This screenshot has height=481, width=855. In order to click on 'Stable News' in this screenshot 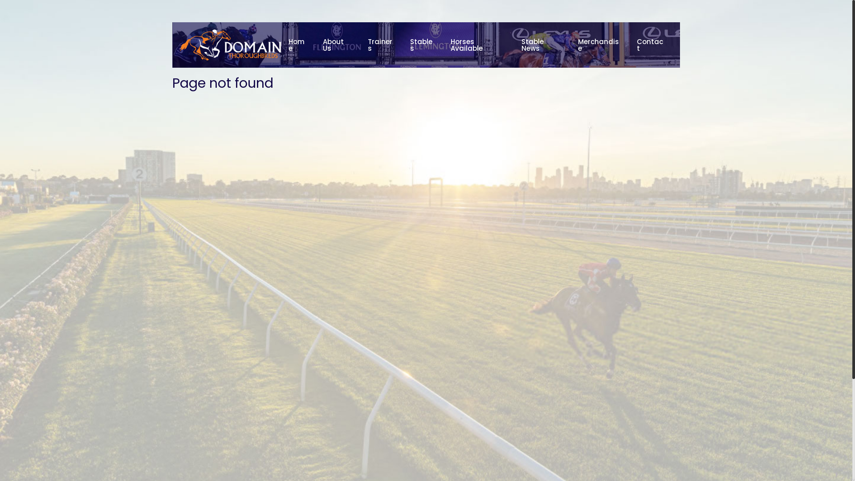, I will do `click(542, 45)`.